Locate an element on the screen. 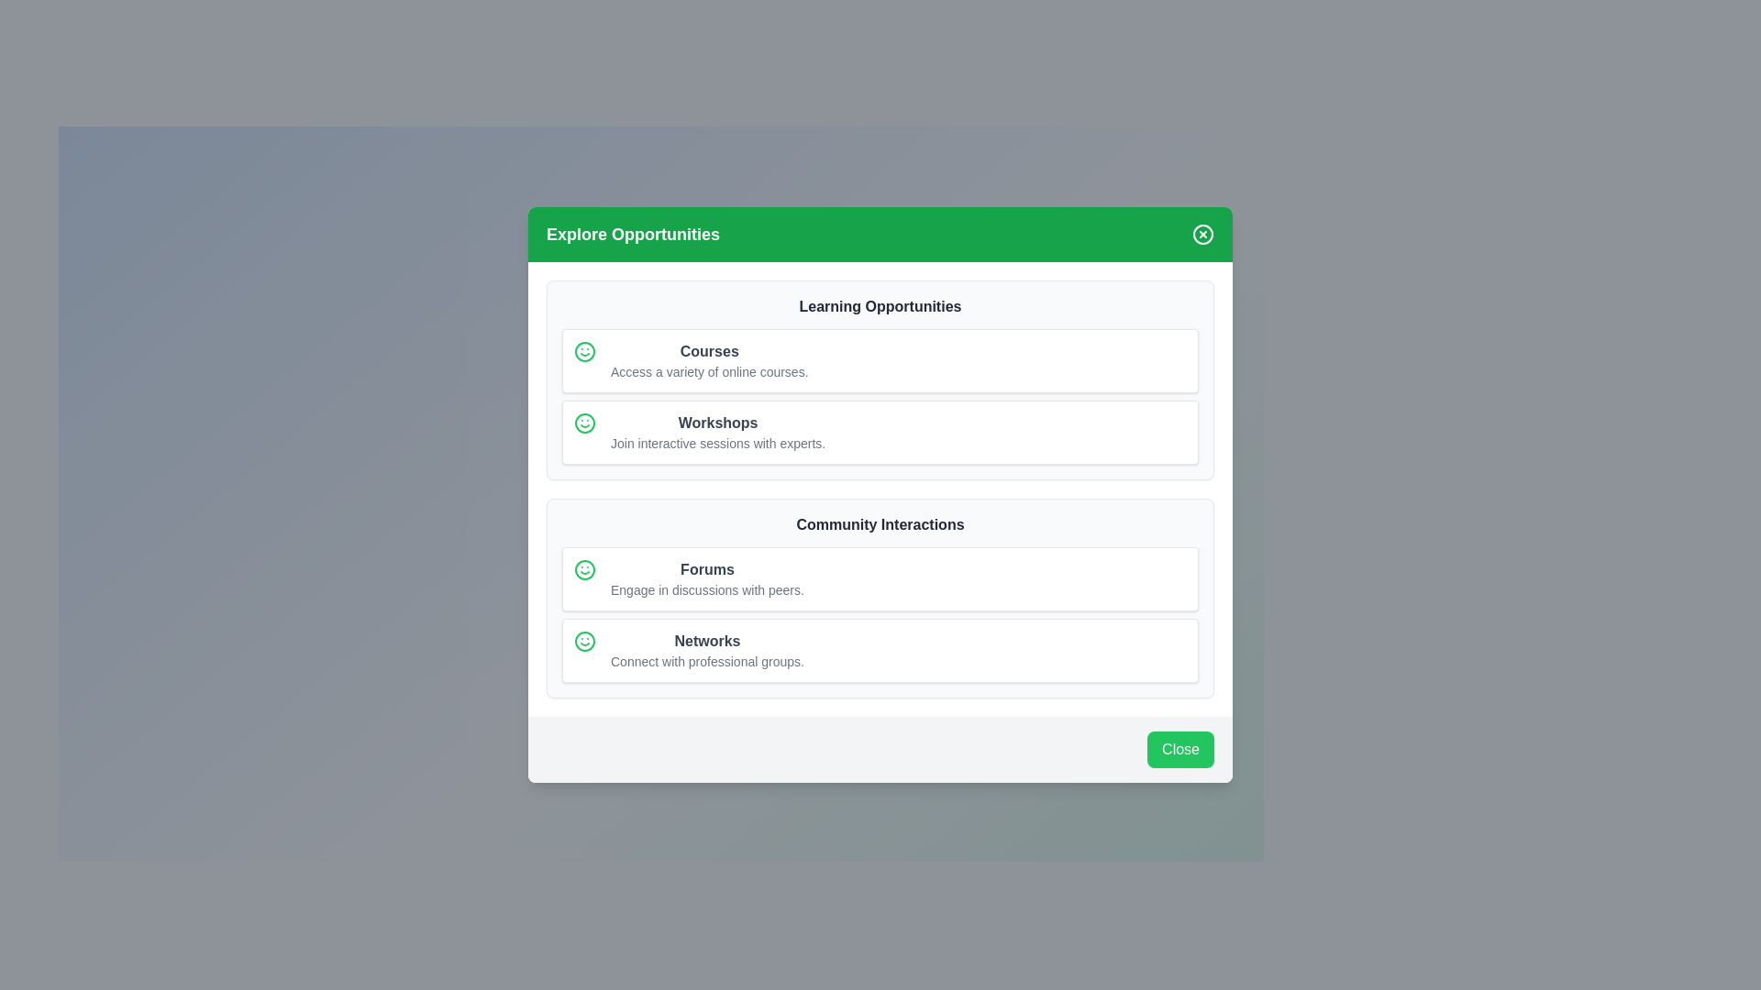  the green smiley face icon located inside the 'Courses' card, which is positioned at the top-left of the card next to the text 'Courses Access a variety of online courses.' is located at coordinates (584, 352).